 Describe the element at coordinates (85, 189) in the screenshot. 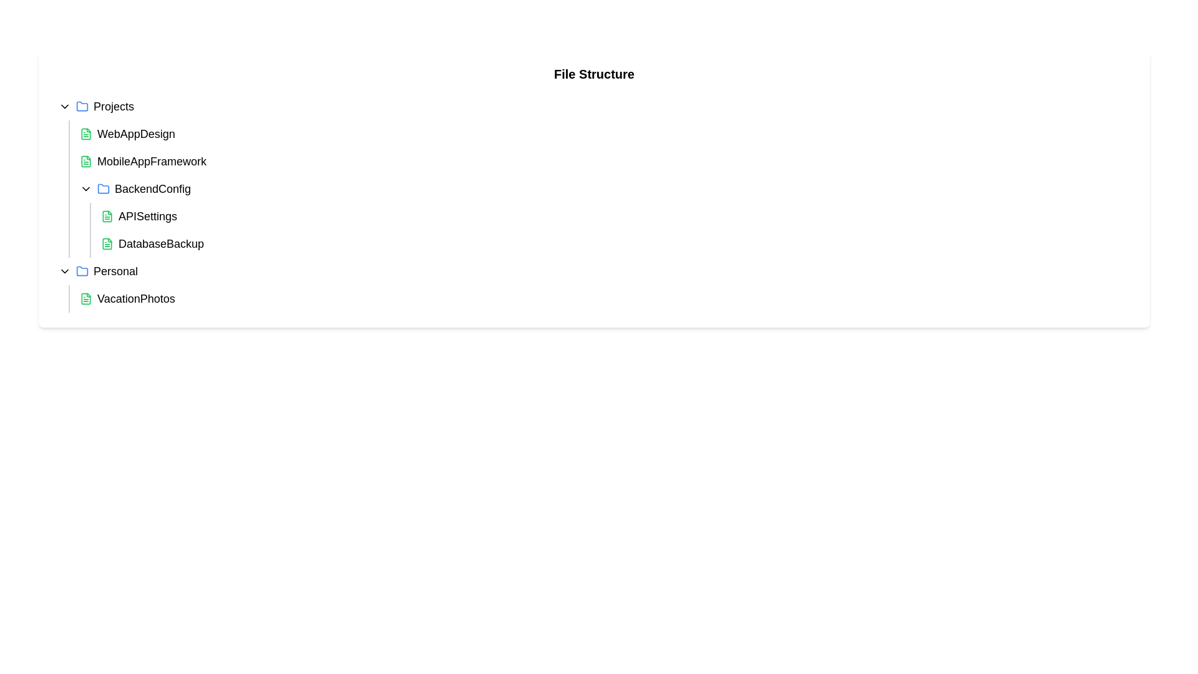

I see `the Chevron-down icon` at that location.